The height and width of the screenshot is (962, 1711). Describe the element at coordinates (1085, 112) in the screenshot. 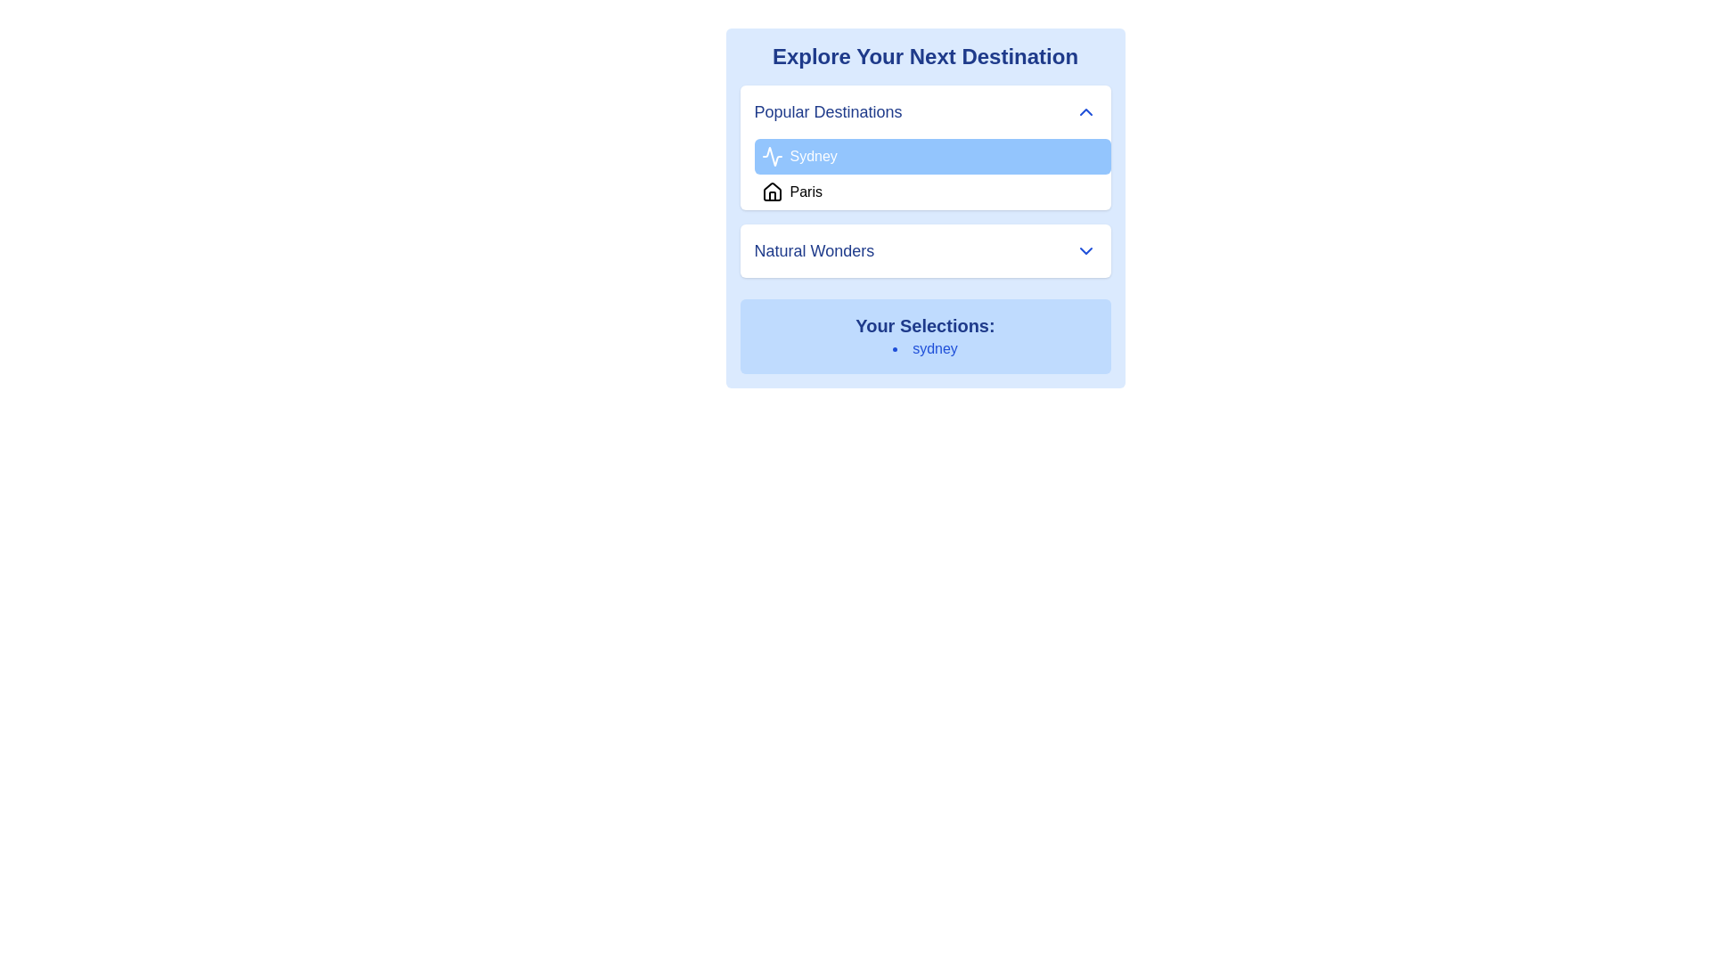

I see `the icon button located at the top-right corner of the 'Popular Destinations' dropdown header` at that location.